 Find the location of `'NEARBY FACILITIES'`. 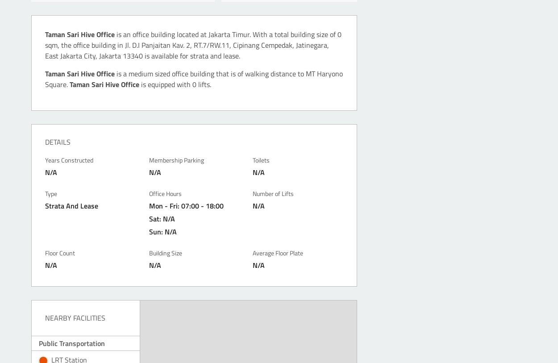

'NEARBY FACILITIES' is located at coordinates (75, 317).